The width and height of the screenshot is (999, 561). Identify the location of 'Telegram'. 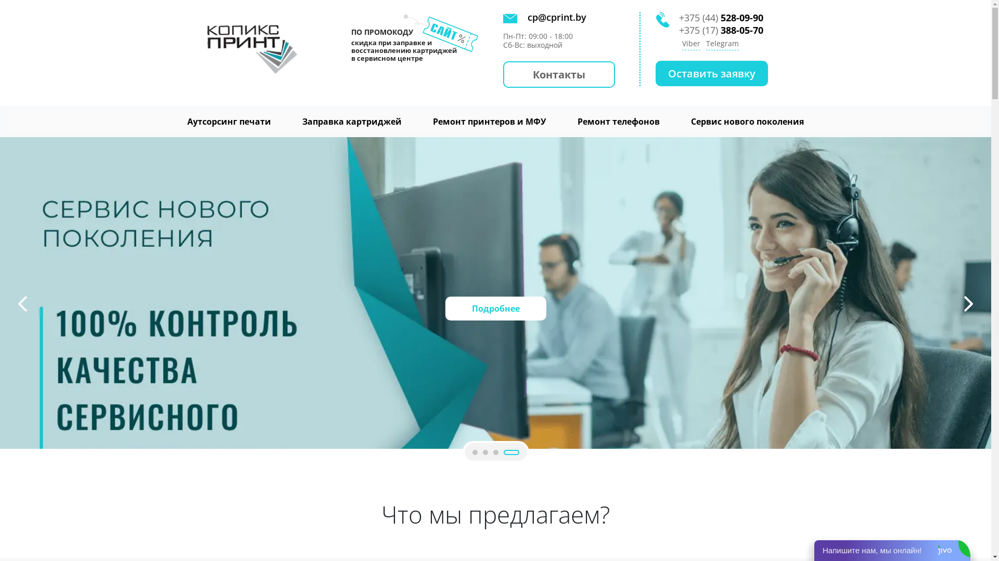
(722, 44).